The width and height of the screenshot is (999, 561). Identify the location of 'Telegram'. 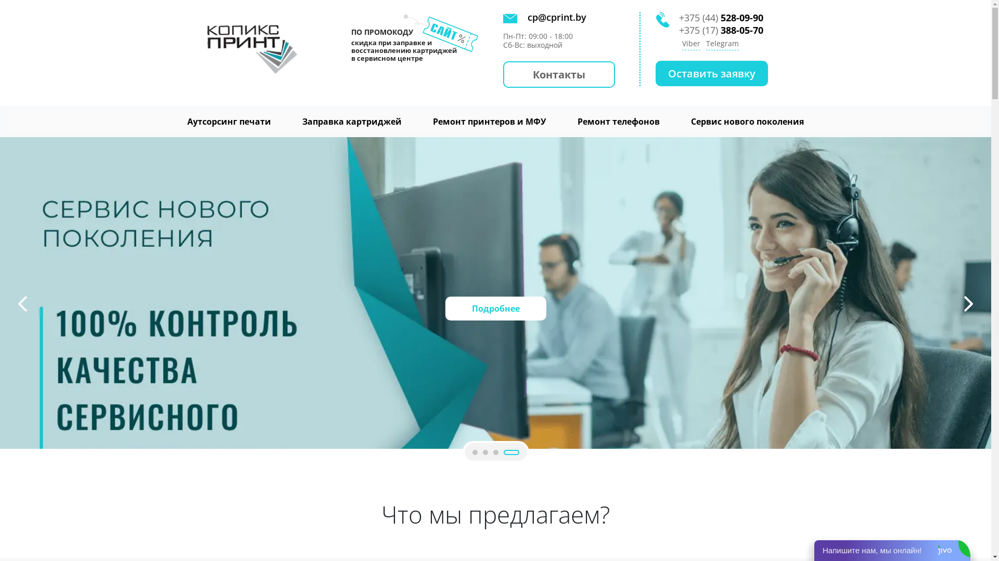
(722, 44).